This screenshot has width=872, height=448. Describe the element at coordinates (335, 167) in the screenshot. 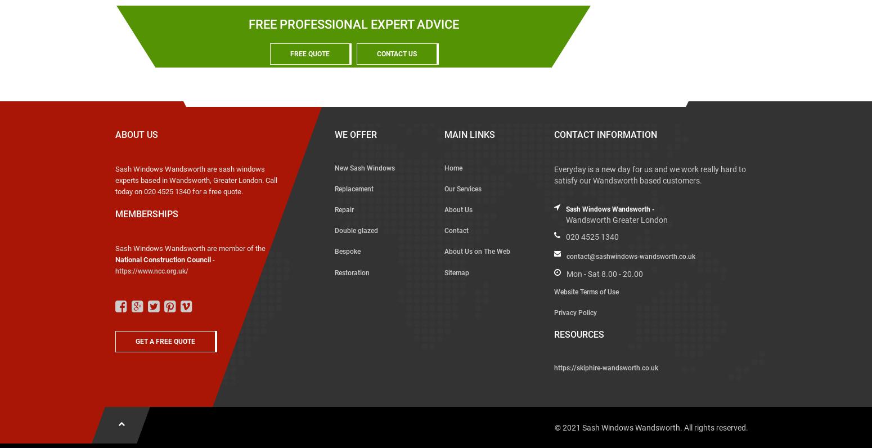

I see `'New Sash Windows'` at that location.